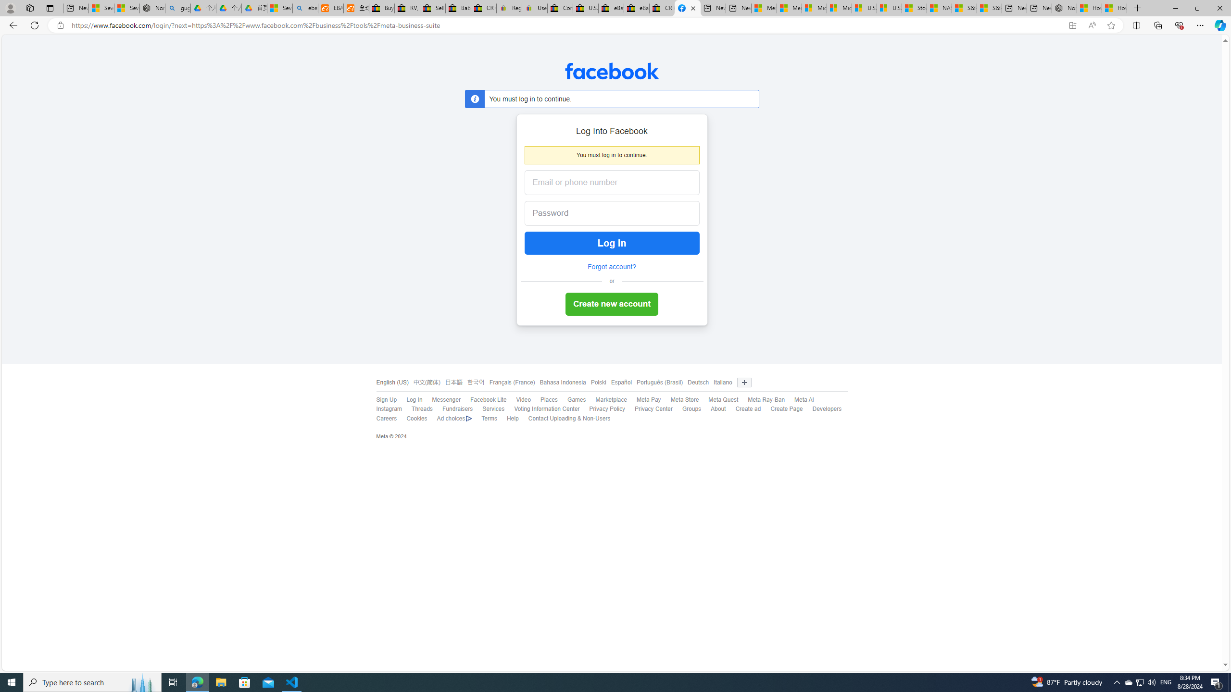 The width and height of the screenshot is (1231, 692). I want to click on 'How to Use a Monitor With Your Closed Laptop', so click(1115, 8).